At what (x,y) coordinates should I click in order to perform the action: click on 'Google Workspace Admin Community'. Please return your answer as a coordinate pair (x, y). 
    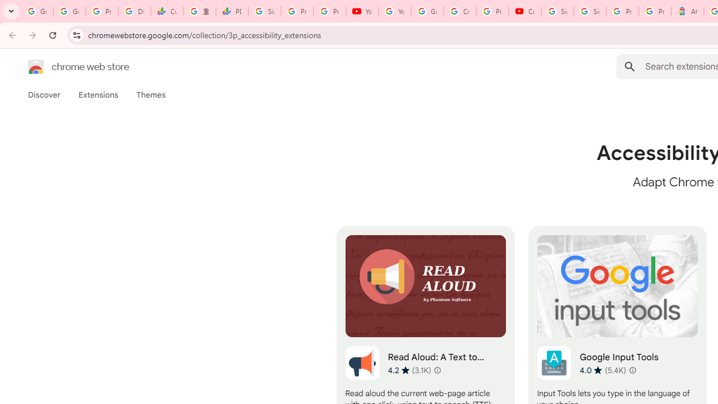
    Looking at the image, I should click on (36, 11).